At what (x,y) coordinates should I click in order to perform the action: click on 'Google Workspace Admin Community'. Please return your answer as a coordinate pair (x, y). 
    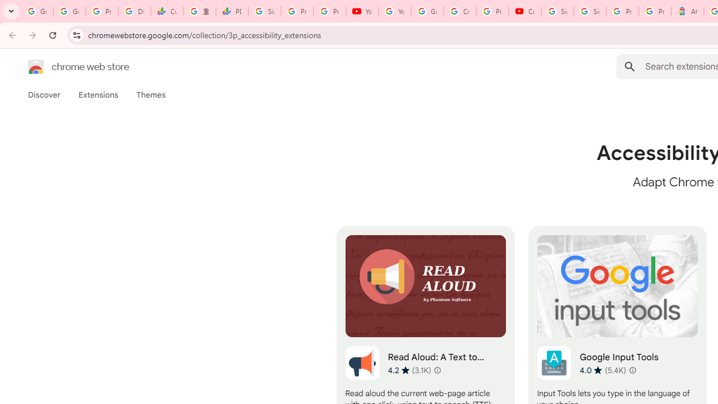
    Looking at the image, I should click on (36, 11).